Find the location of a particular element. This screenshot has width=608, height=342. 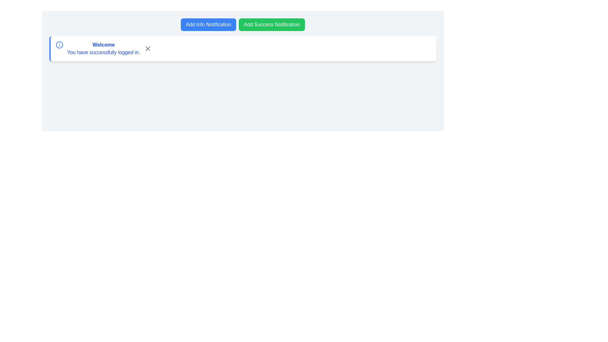

the success notification message Static Text Label that appears below the bolded text 'Welcome' in the notification bar is located at coordinates (104, 52).